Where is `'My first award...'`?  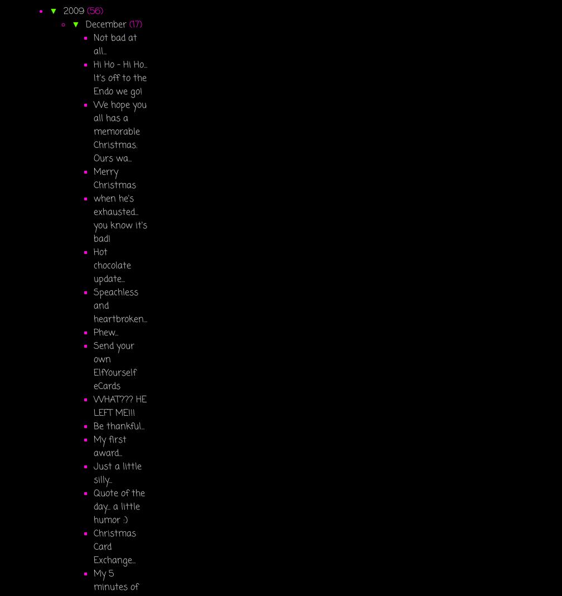
'My first award...' is located at coordinates (110, 446).